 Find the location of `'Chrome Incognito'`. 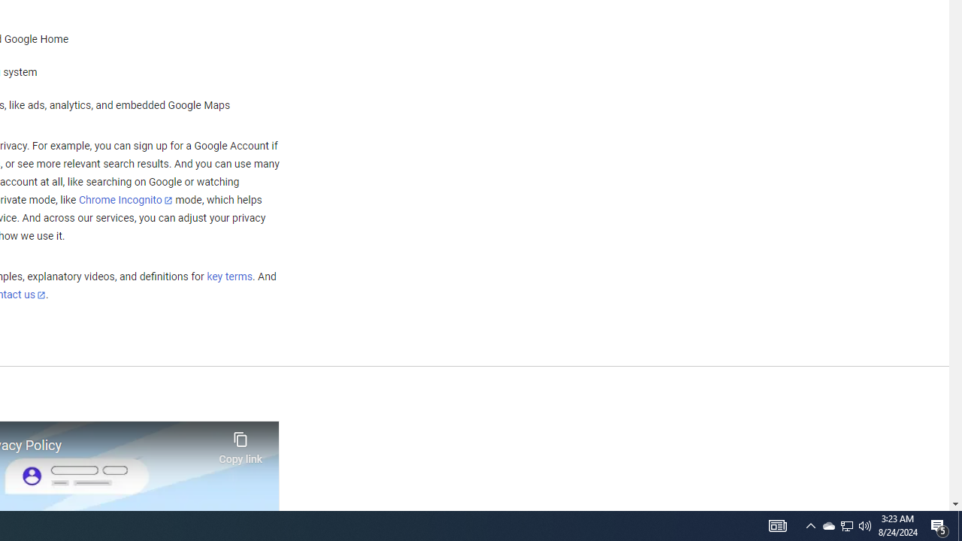

'Chrome Incognito' is located at coordinates (126, 199).